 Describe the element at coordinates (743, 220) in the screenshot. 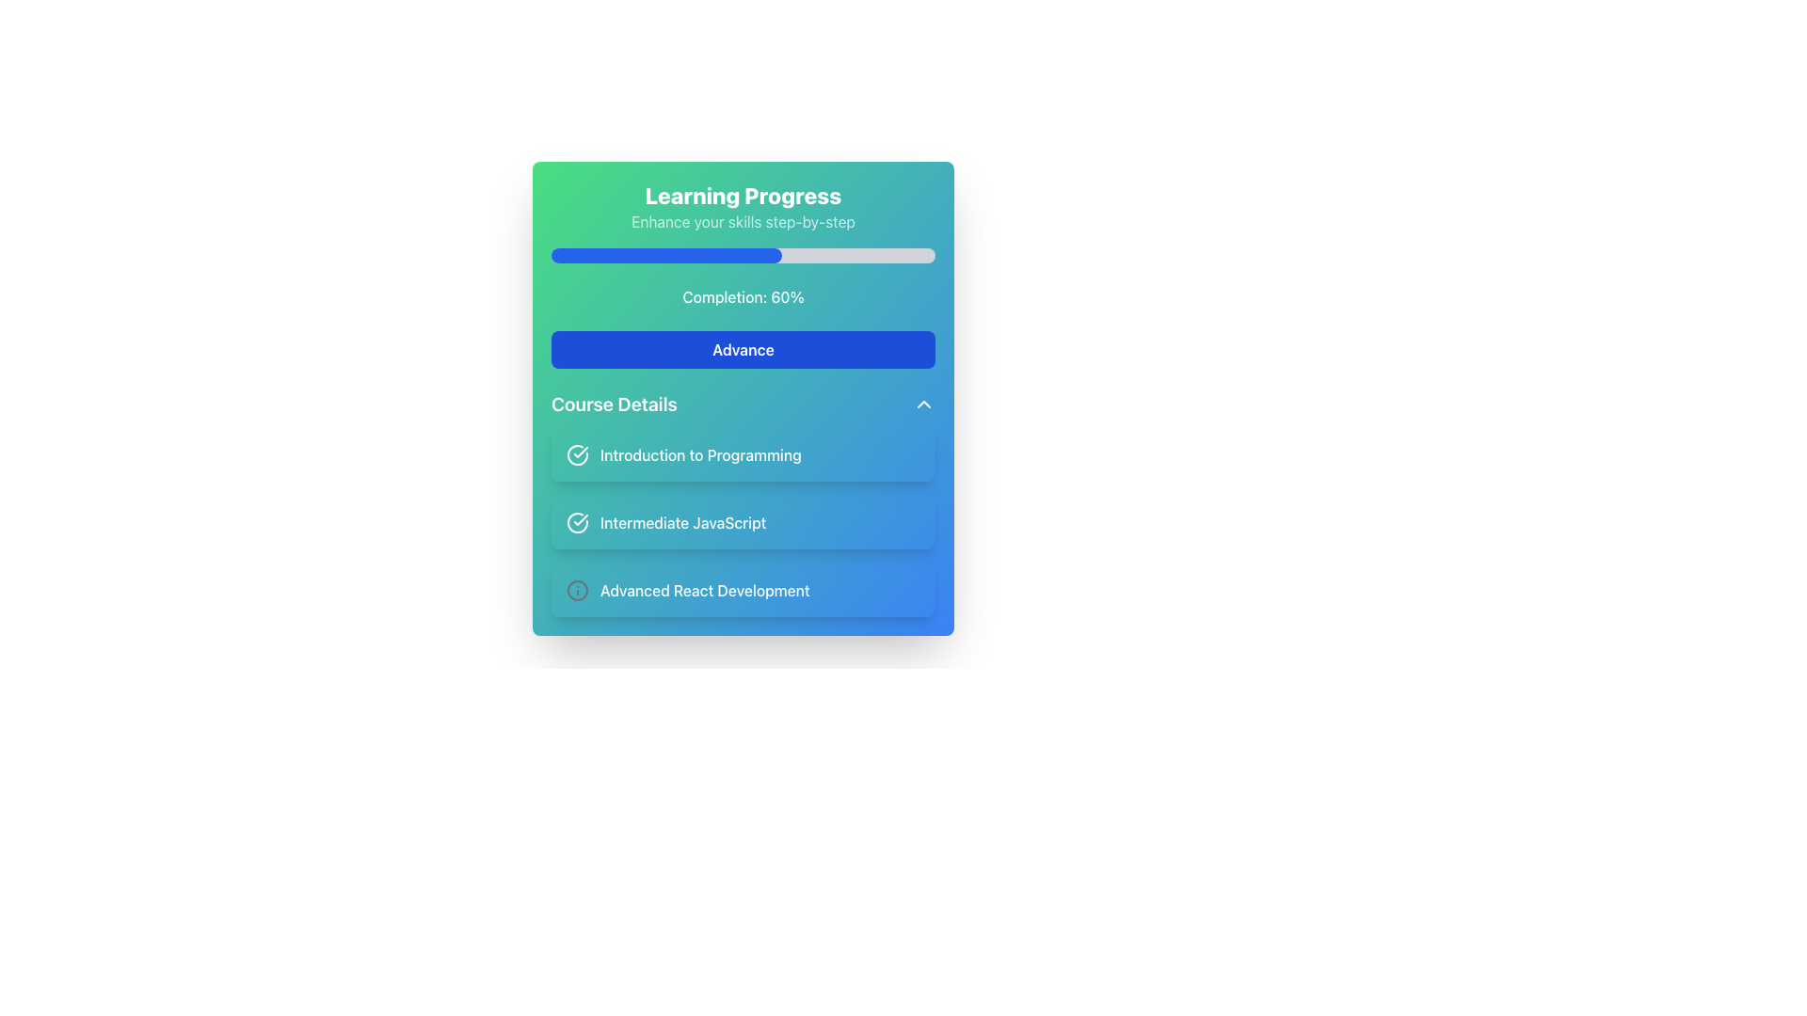

I see `the text label that contains the phrase 'Enhance your skills step-by-step', which is styled with a white color and slightly transparent appearance, located beneath the 'Learning Progress' title` at that location.